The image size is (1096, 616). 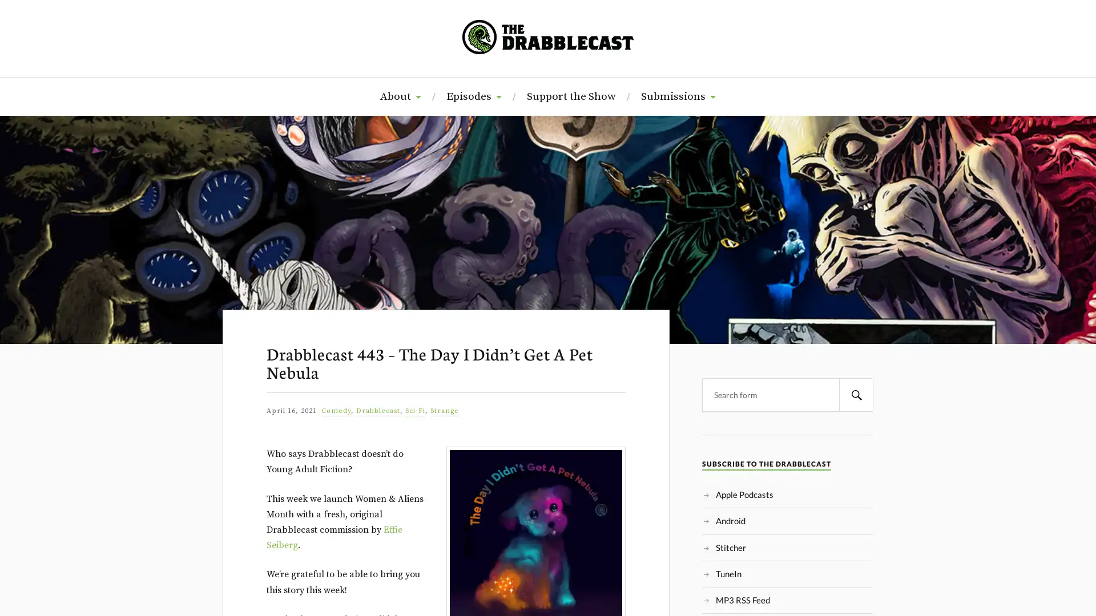 I want to click on Search, so click(x=856, y=394).